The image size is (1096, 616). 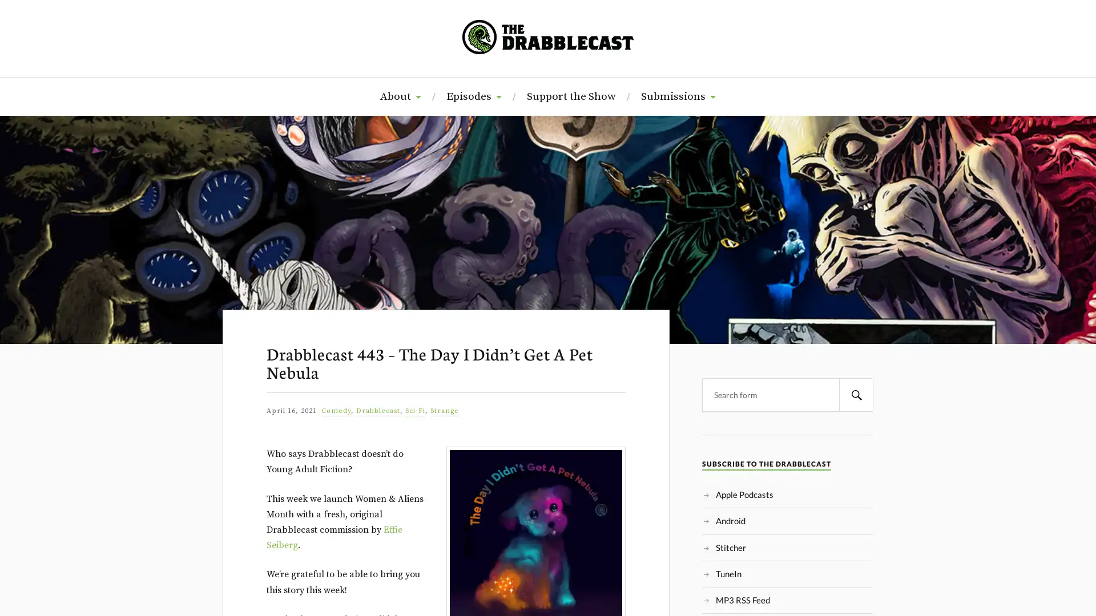 I want to click on Search, so click(x=856, y=394).